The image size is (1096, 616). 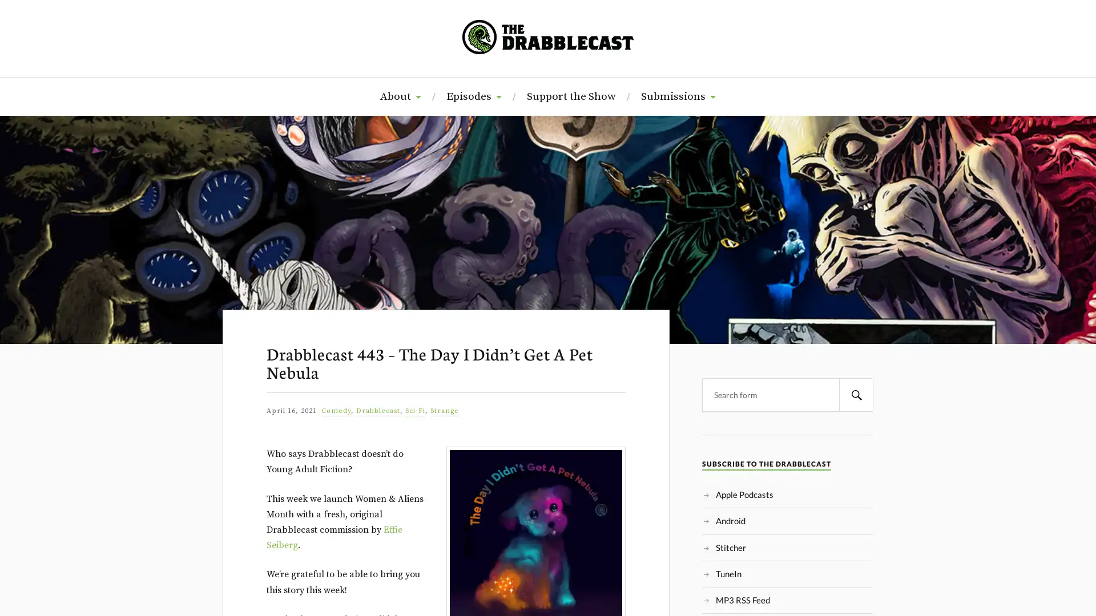 I want to click on Search, so click(x=856, y=394).